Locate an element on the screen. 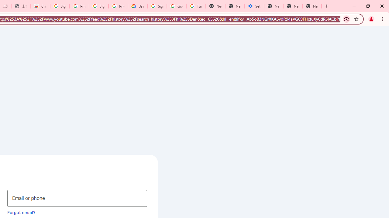  'Sign in - Google Accounts' is located at coordinates (60, 6).